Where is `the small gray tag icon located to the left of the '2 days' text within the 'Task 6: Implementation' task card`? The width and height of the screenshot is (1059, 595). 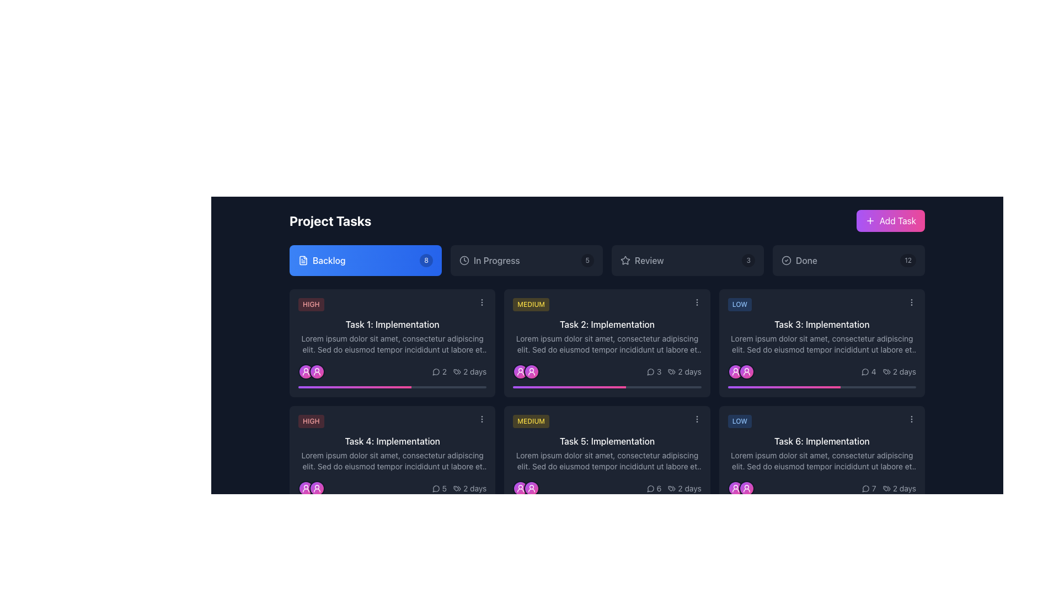
the small gray tag icon located to the left of the '2 days' text within the 'Task 6: Implementation' task card is located at coordinates (886, 488).